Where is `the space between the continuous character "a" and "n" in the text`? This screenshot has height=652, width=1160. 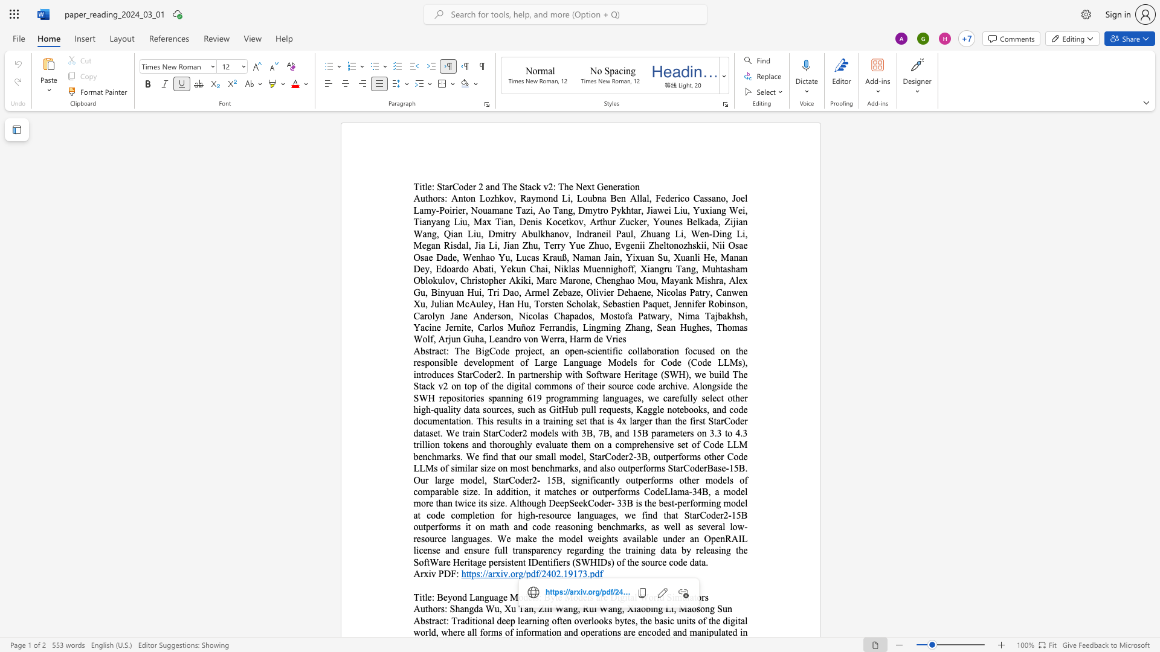 the space between the continuous character "a" and "n" in the text is located at coordinates (567, 609).